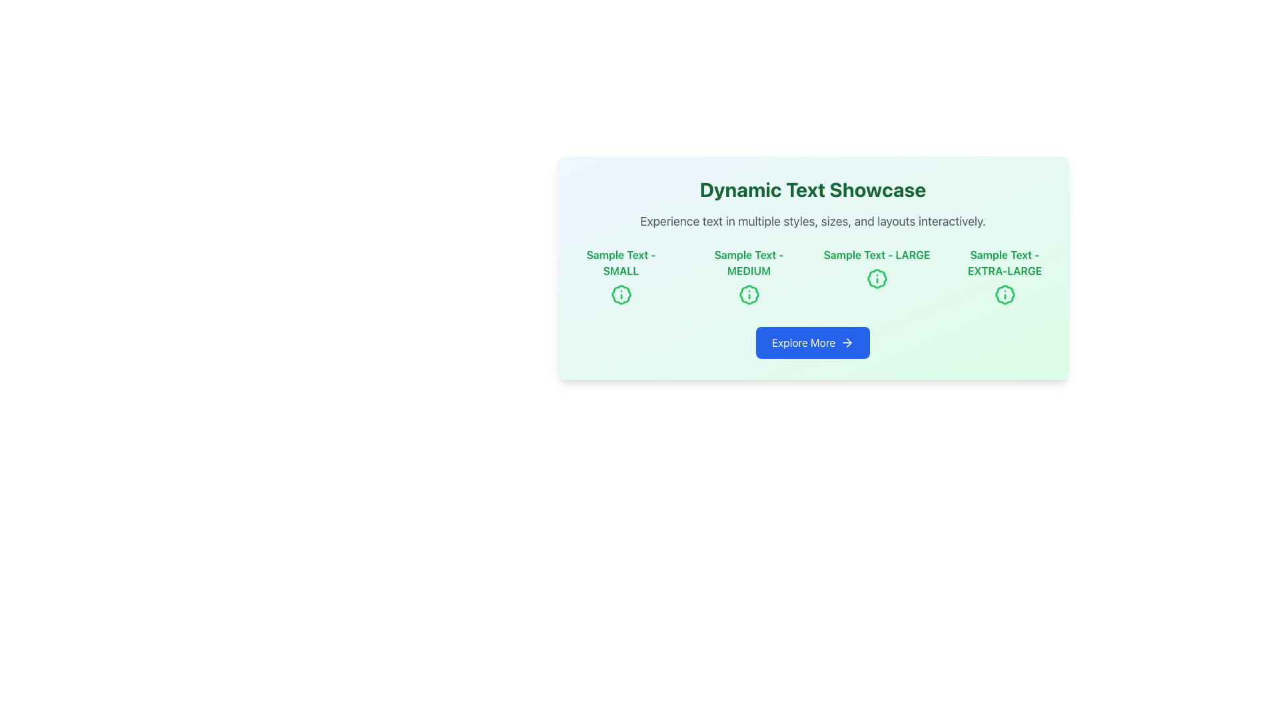 The image size is (1279, 719). I want to click on the composite UI component that features a green text label reading 'Sample Text - SMALL' and a circular icon with an 'i' below it, so click(620, 276).